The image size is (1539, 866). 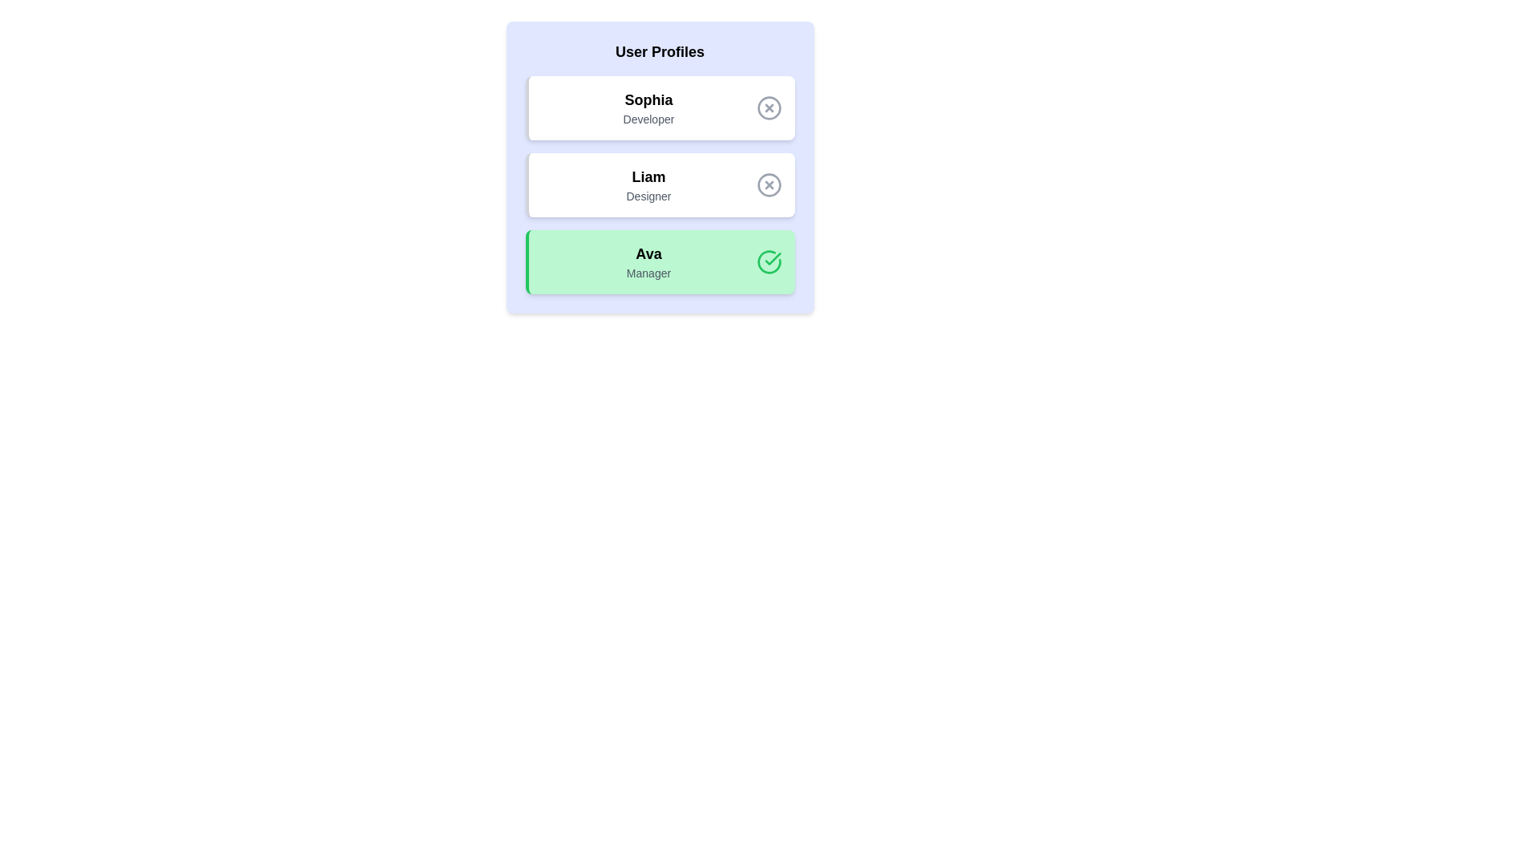 What do you see at coordinates (660, 184) in the screenshot?
I see `the profile Liam by clicking on it` at bounding box center [660, 184].